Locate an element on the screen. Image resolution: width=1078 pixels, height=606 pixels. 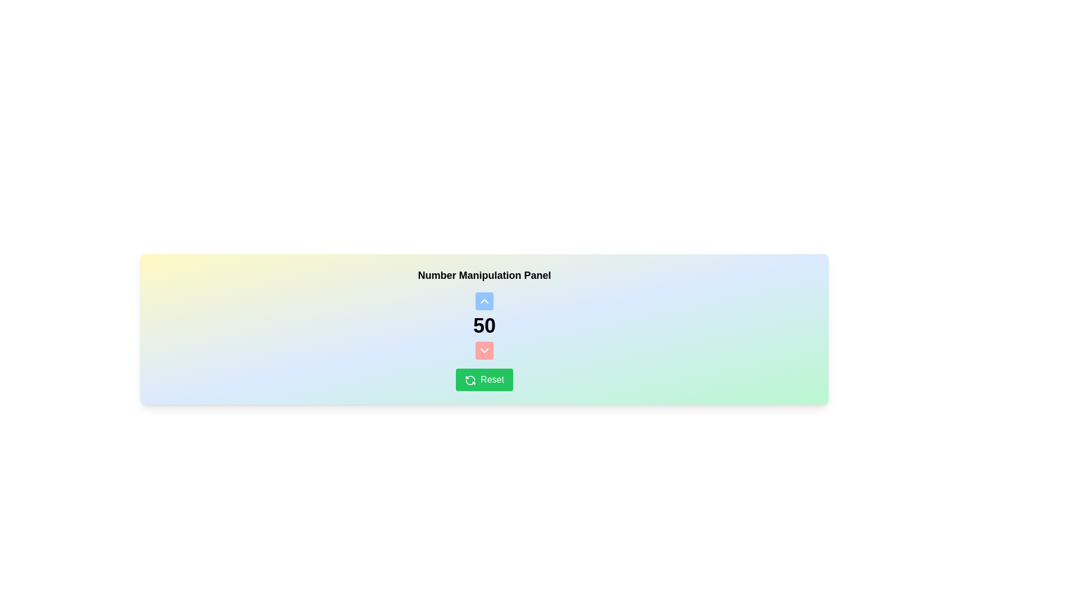
the increment button located directly above the number '50' display in the 'Number Manipulation Panel' section to observe the hover effect is located at coordinates (485, 300).